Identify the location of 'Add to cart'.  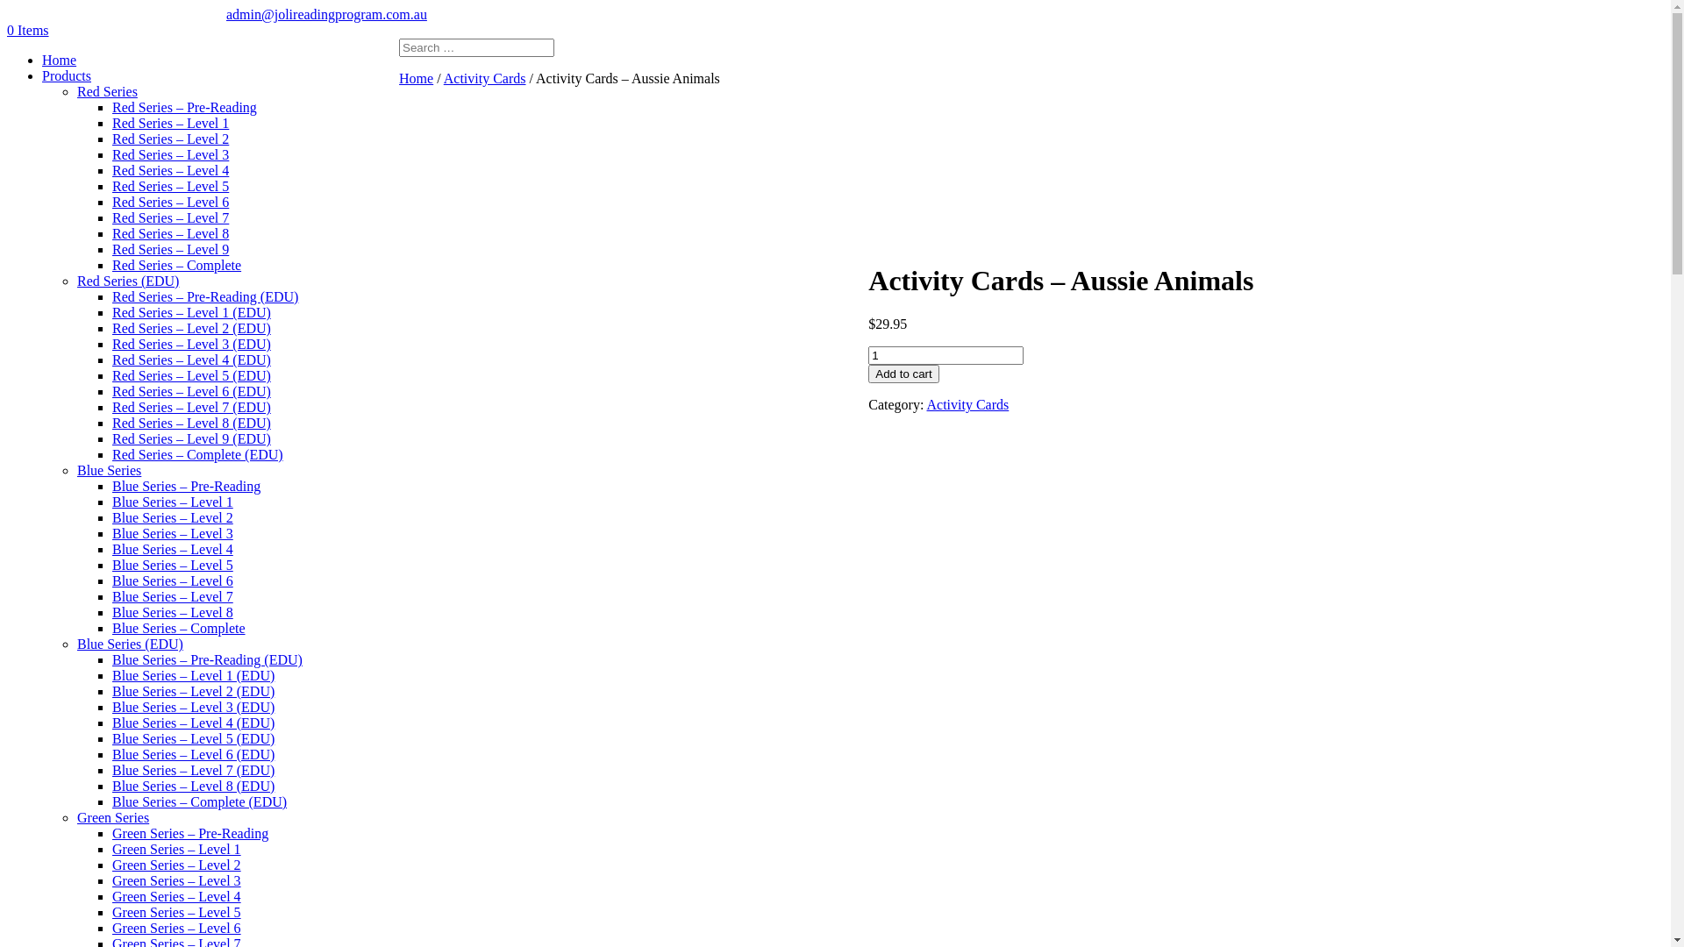
(903, 373).